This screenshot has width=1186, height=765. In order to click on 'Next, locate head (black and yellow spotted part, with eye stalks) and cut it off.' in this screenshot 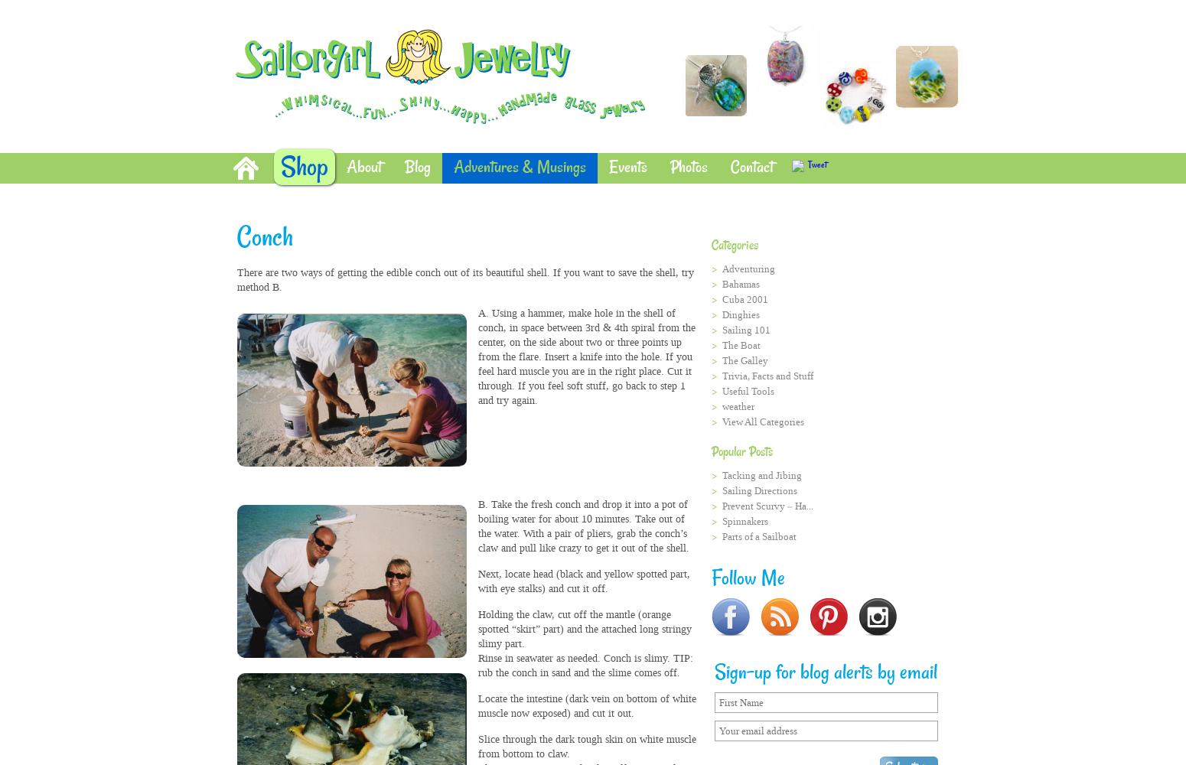, I will do `click(584, 581)`.